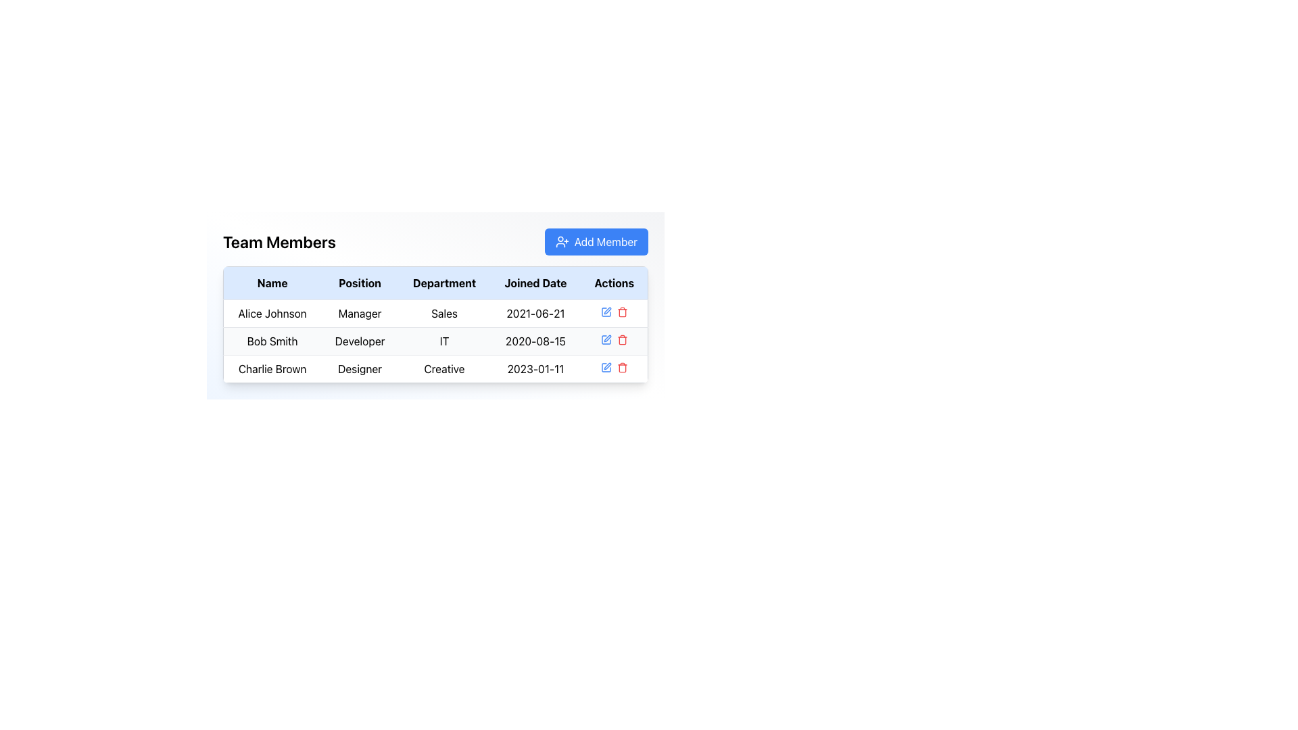  What do you see at coordinates (535, 341) in the screenshot?
I see `the static text displaying the date '2020-08-15' in the 'Joined Date' column for 'Bob Smith' in the 'Team Members' table` at bounding box center [535, 341].